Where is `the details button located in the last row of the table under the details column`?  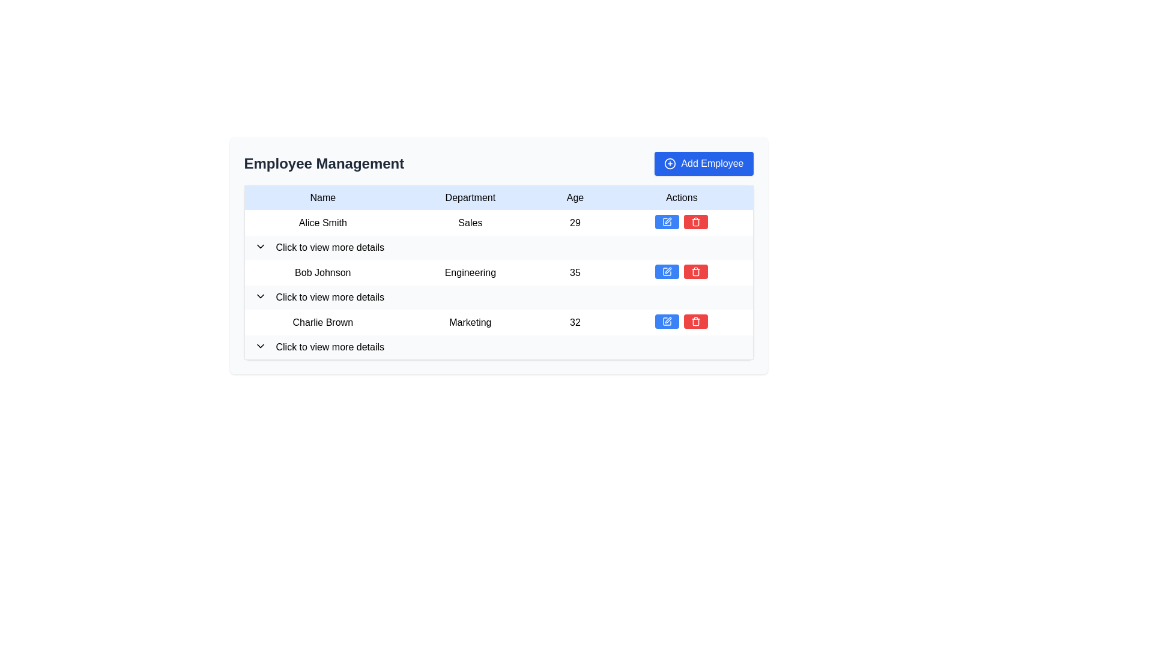
the details button located in the last row of the table under the details column is located at coordinates (498, 347).